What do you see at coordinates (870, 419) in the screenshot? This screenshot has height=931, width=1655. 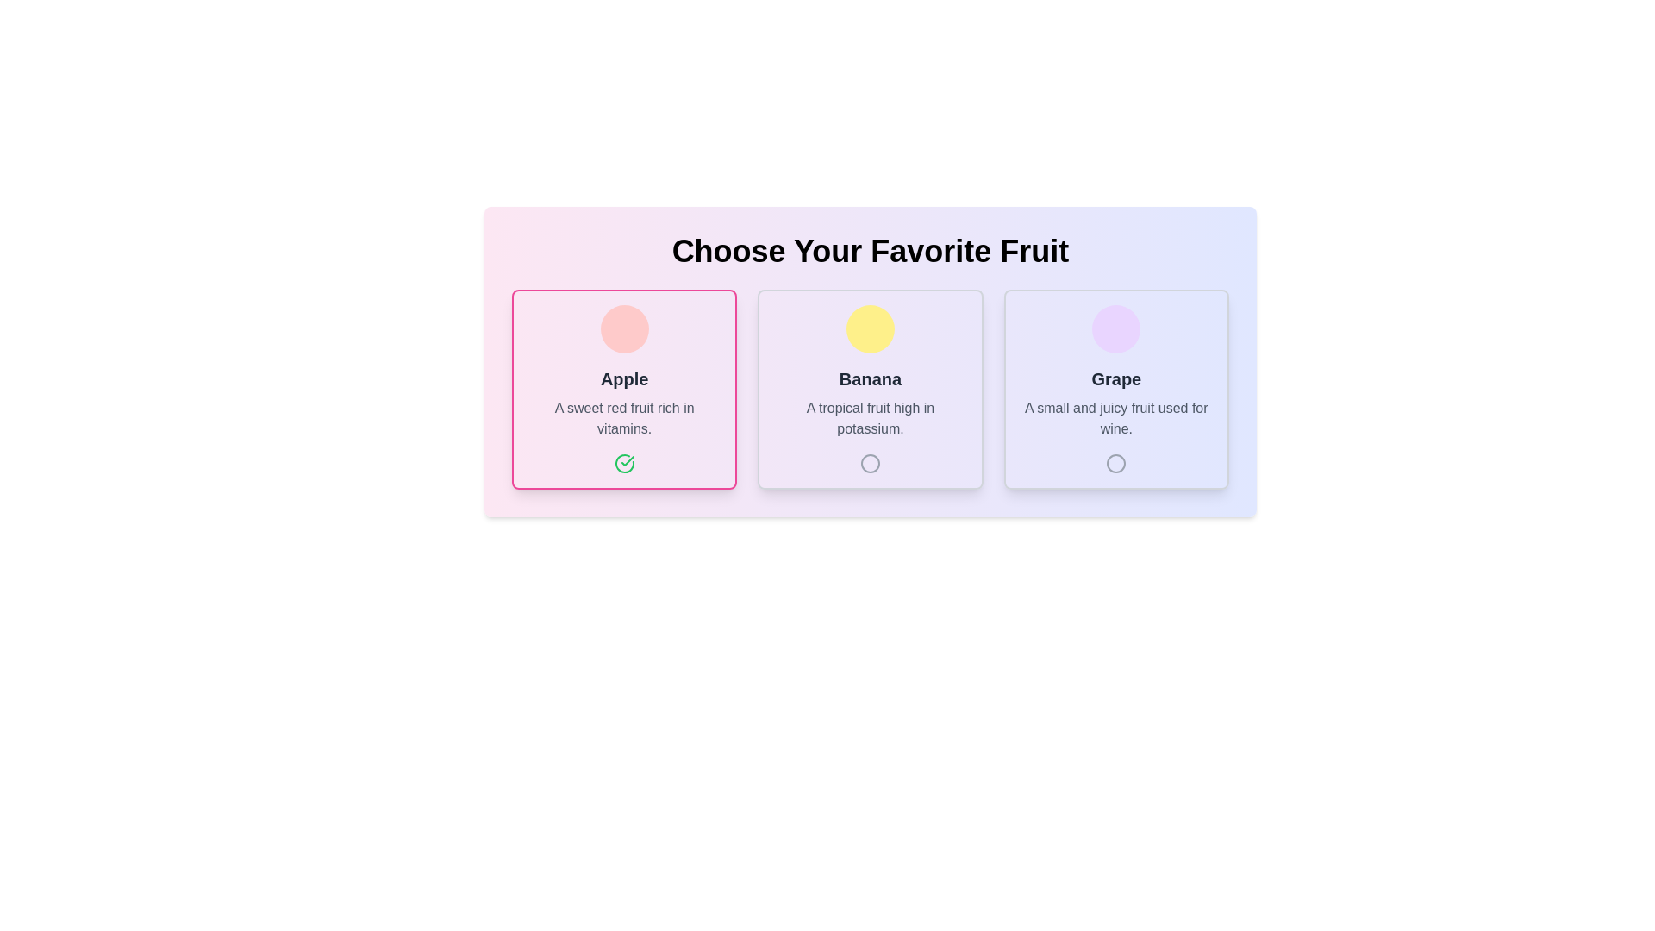 I see `the text stating 'A tropical fruit high in potassium.' which is styled in gray font and located below the word 'Banana' in the card interface` at bounding box center [870, 419].